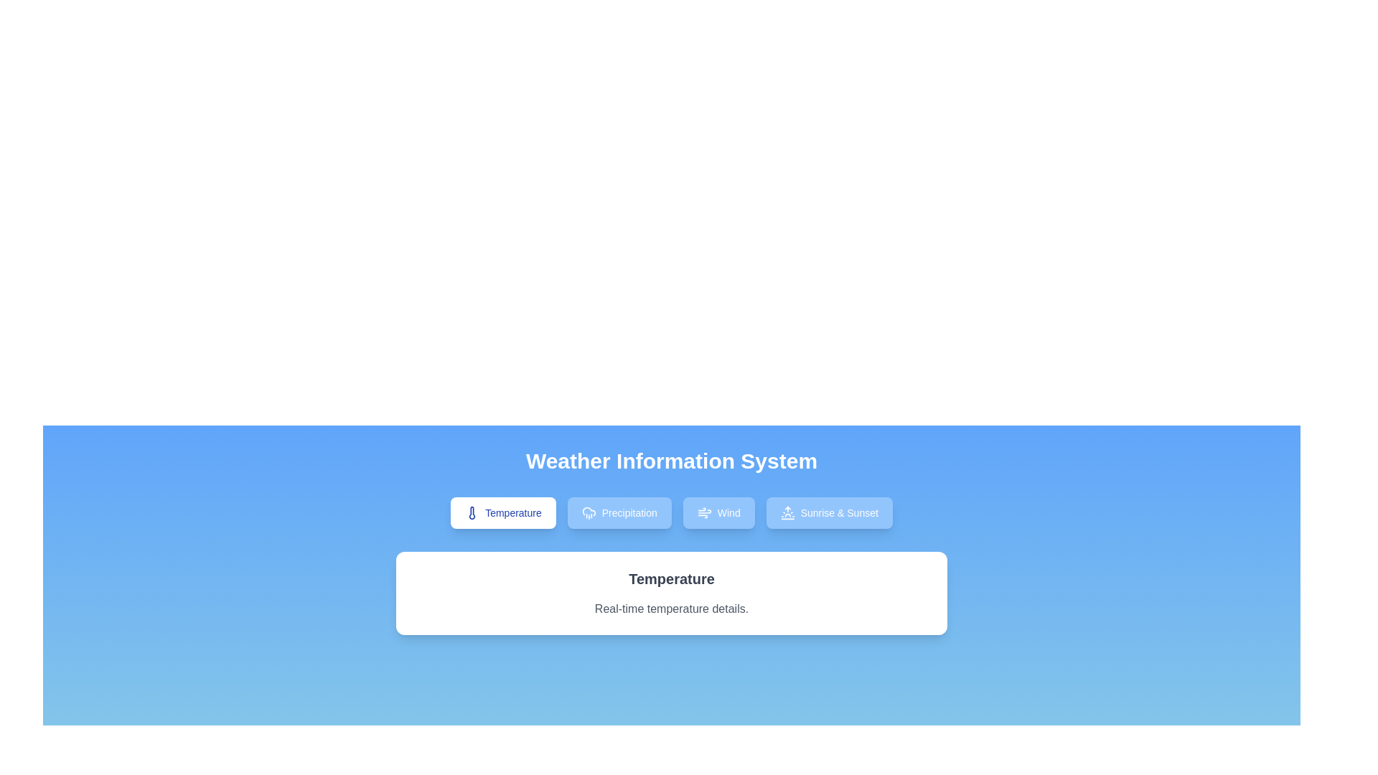 The image size is (1378, 775). What do you see at coordinates (503, 512) in the screenshot?
I see `the Temperature tab by clicking the corresponding button` at bounding box center [503, 512].